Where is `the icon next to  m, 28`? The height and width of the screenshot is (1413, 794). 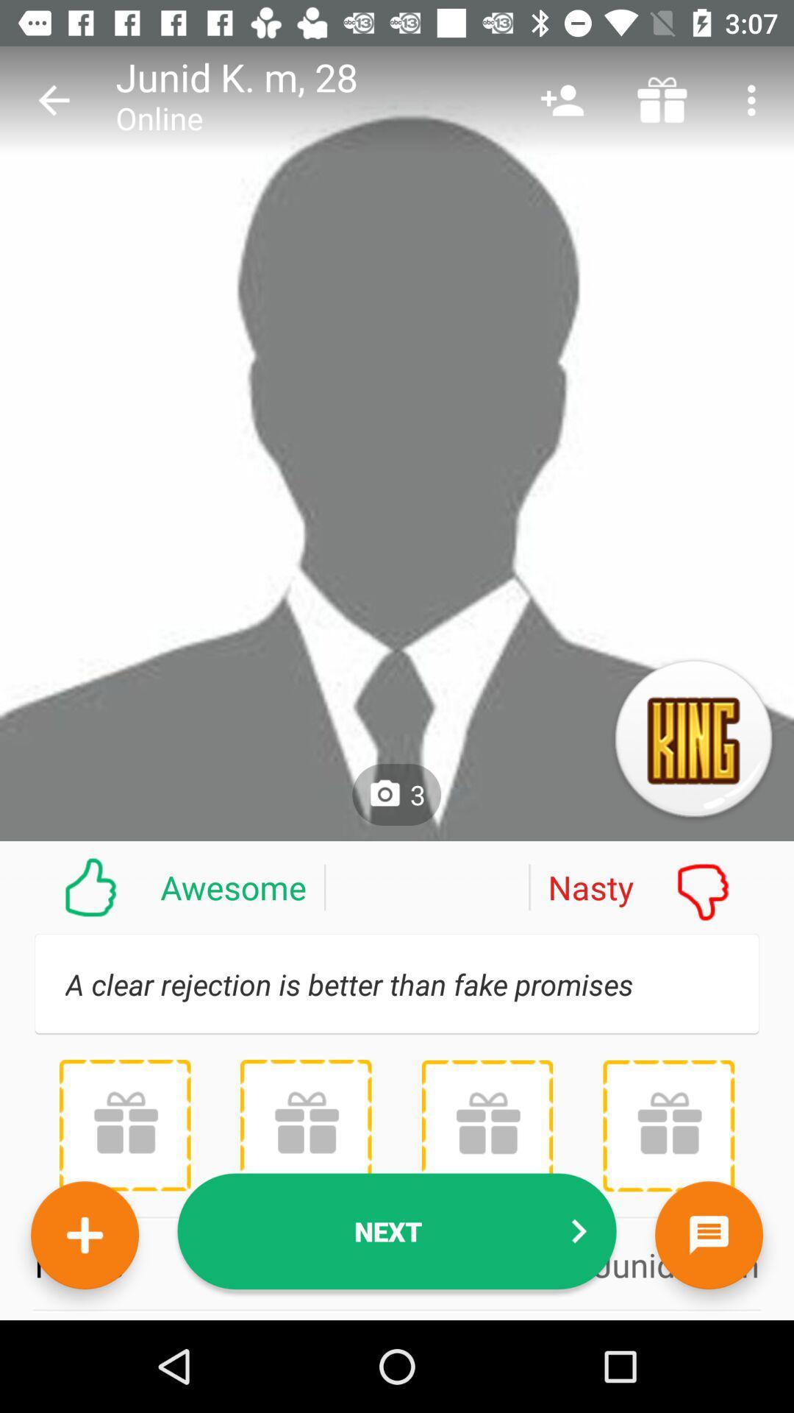 the icon next to  m, 28 is located at coordinates (562, 99).